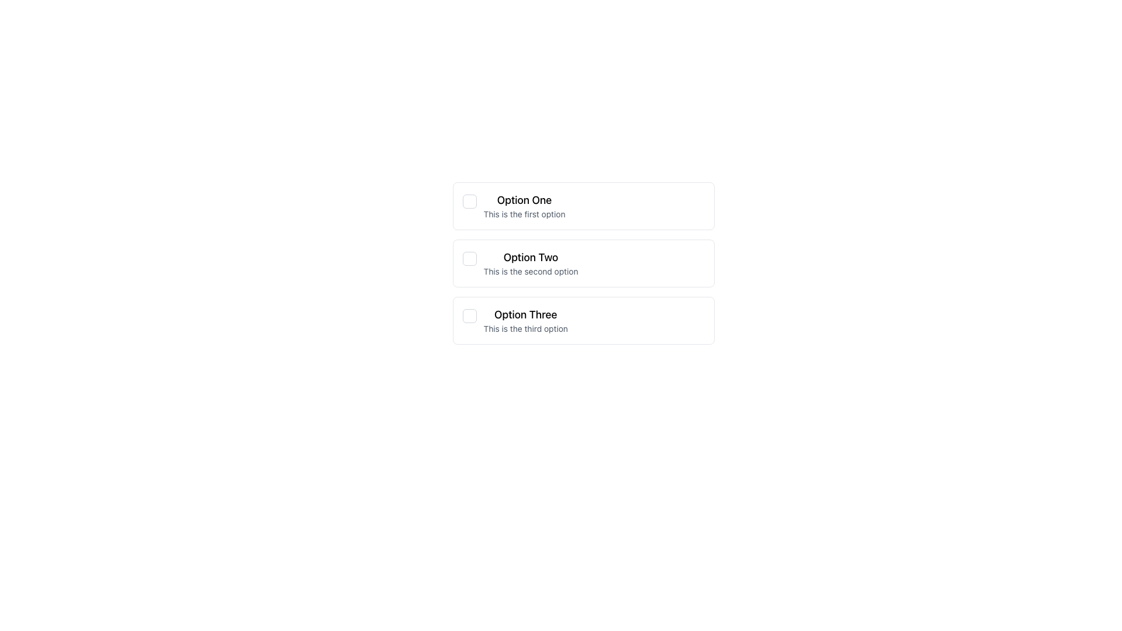 The width and height of the screenshot is (1122, 631). I want to click on the text label that represents the third selectable option in the vertical list of components, so click(525, 314).